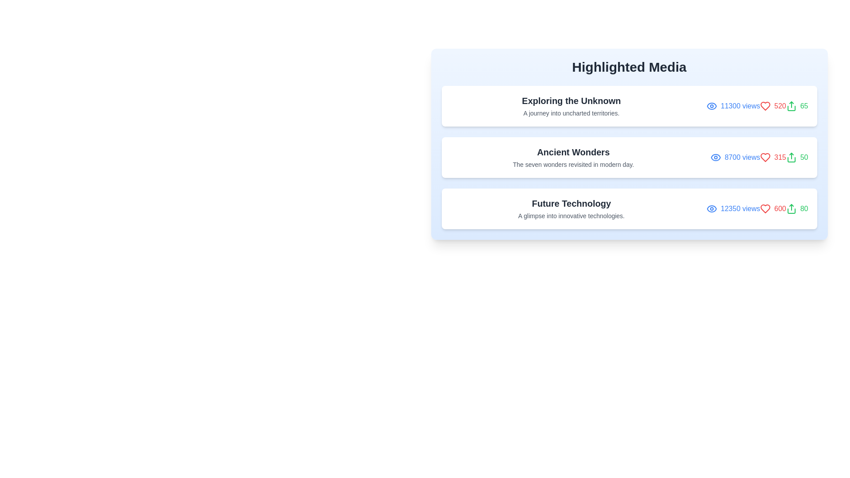  What do you see at coordinates (571, 105) in the screenshot?
I see `the description of the media item 'Exploring the Unknown'` at bounding box center [571, 105].